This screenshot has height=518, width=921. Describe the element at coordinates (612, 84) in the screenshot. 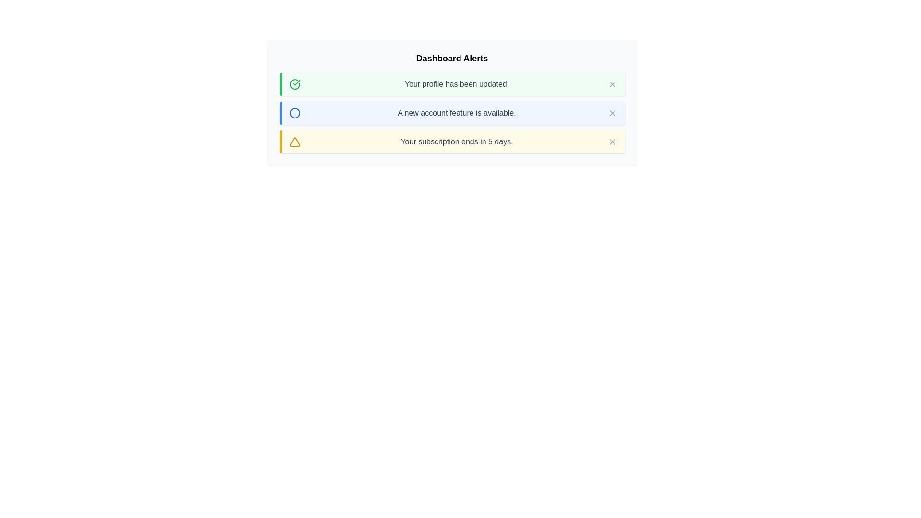

I see `the small 'X' icon button located at the right end of the green notification block that displays 'Your profile has been updated.' to observe the hover color change` at that location.